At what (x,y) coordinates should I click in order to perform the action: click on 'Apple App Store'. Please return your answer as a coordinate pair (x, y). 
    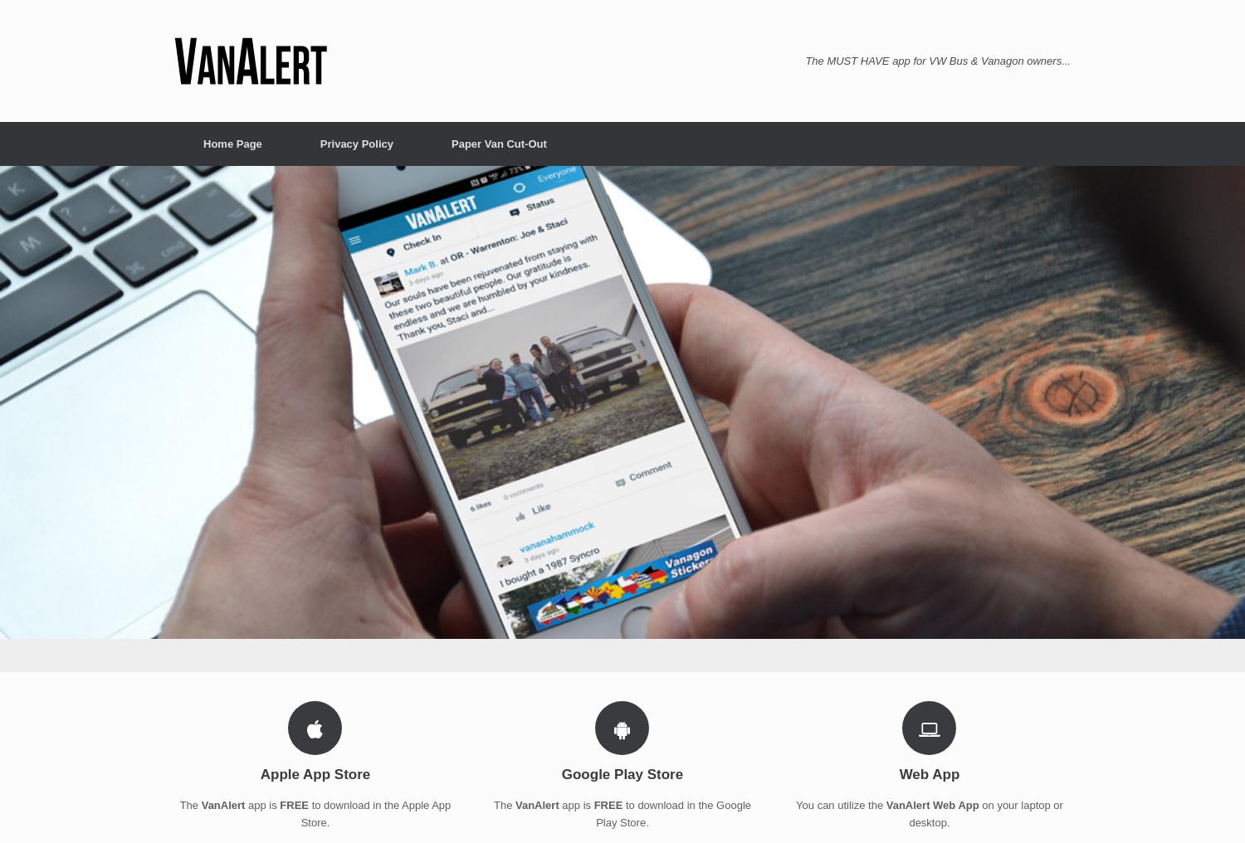
    Looking at the image, I should click on (259, 773).